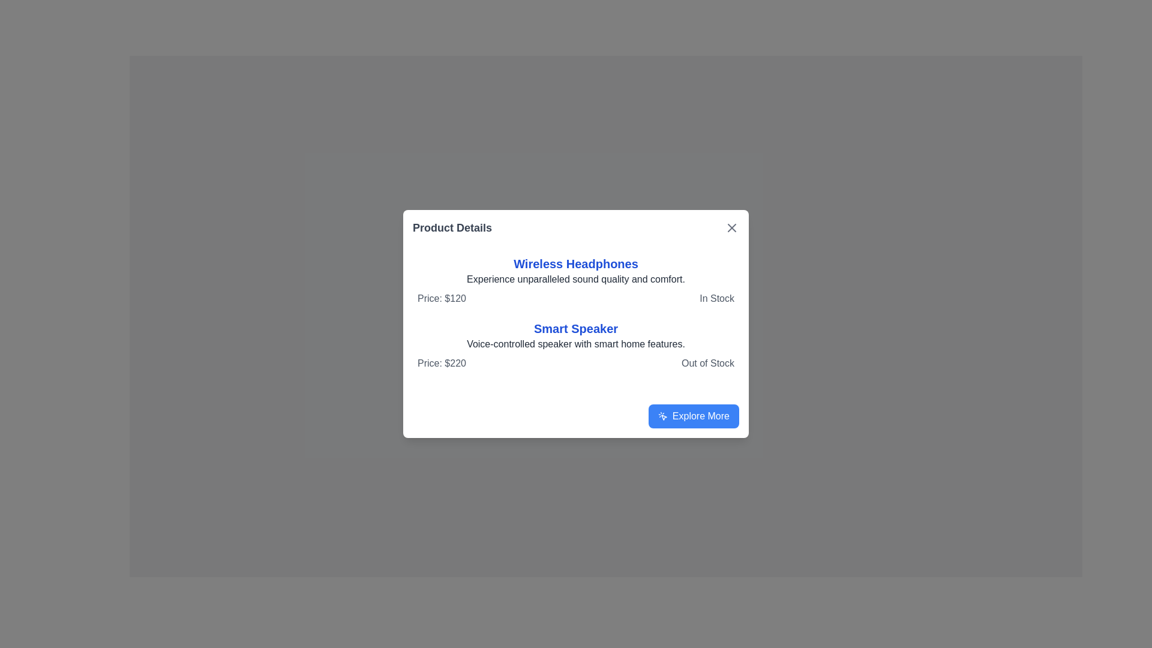 The image size is (1152, 648). What do you see at coordinates (731, 228) in the screenshot?
I see `the center of the 'X' button located in the top-right corner of the 'Product Details' modal` at bounding box center [731, 228].